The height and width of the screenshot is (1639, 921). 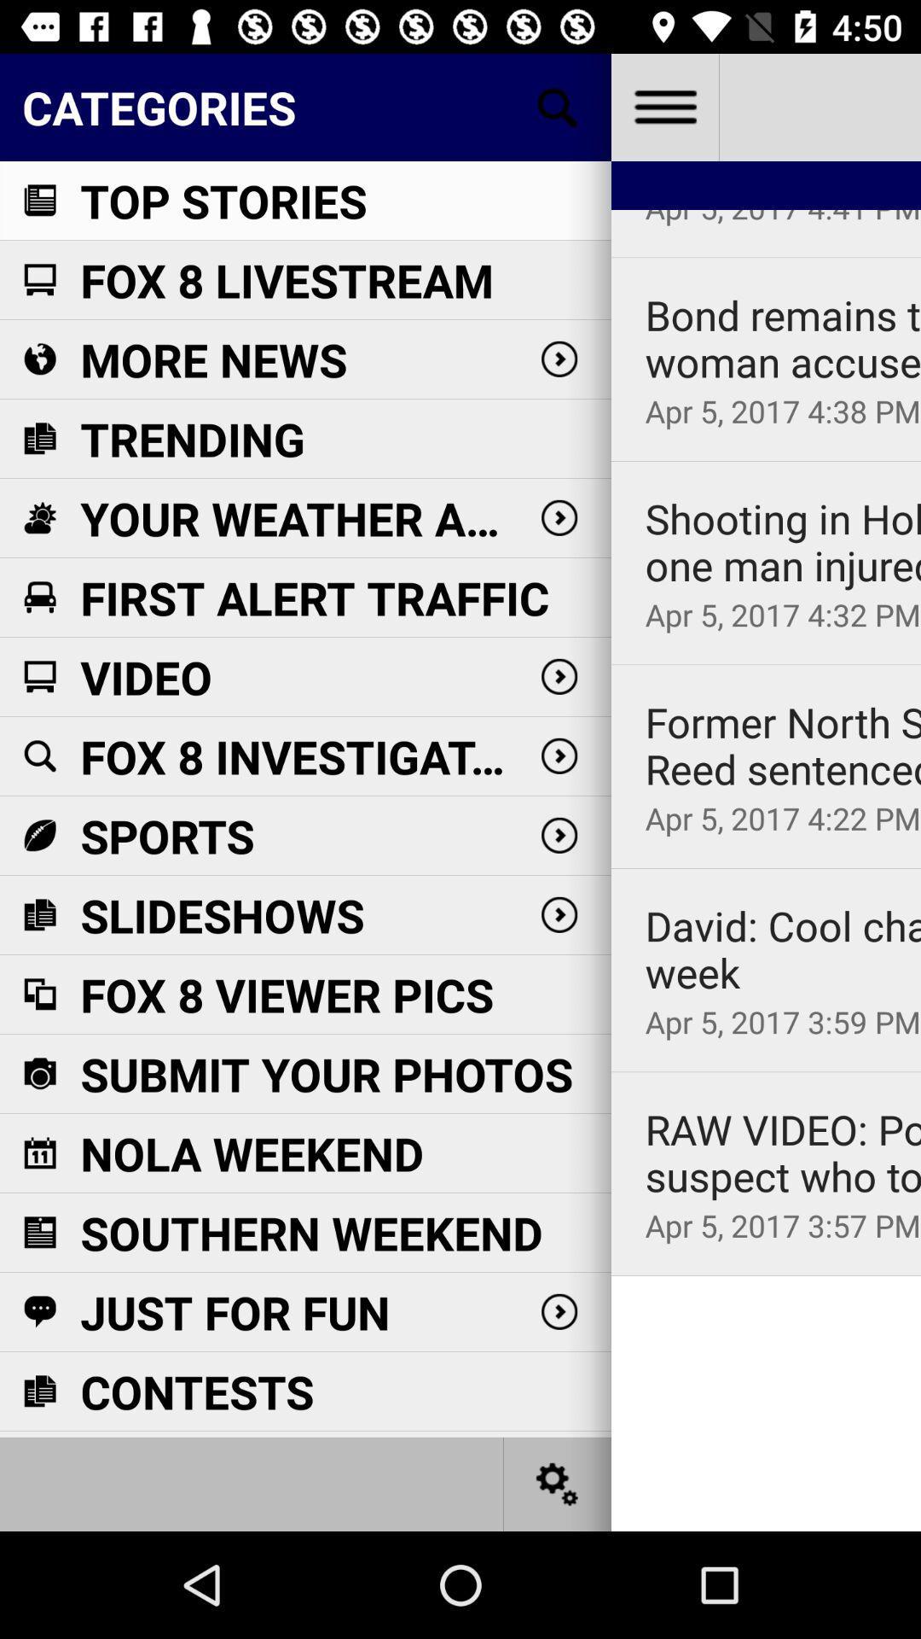 What do you see at coordinates (558, 1483) in the screenshot?
I see `the settings icon` at bounding box center [558, 1483].